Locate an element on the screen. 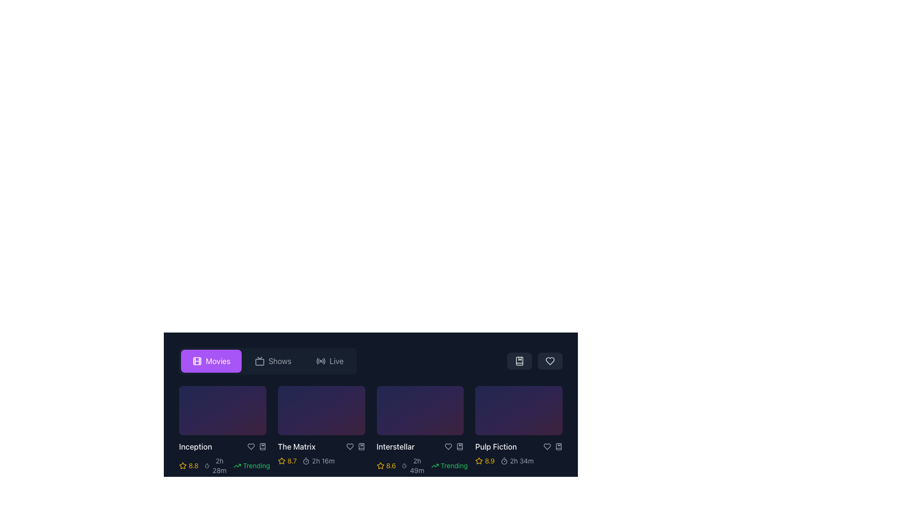 Image resolution: width=917 pixels, height=516 pixels. the Rating Display element, which features a yellow star icon and the text '8.6', indicating a rating or score, positioned to the left of the 'Trending' text and right of a movie thumbnail is located at coordinates (386, 465).